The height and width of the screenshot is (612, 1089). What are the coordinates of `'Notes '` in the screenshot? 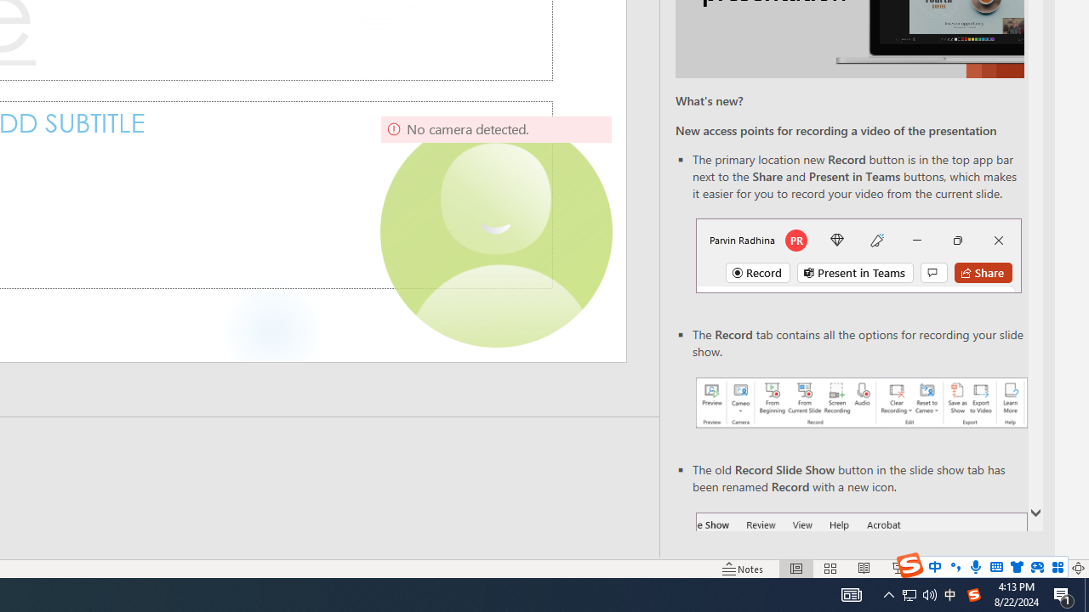 It's located at (744, 569).